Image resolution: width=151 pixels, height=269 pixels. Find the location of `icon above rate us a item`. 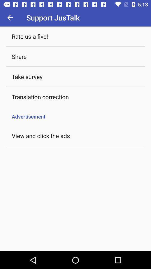

icon above rate us a item is located at coordinates (10, 17).